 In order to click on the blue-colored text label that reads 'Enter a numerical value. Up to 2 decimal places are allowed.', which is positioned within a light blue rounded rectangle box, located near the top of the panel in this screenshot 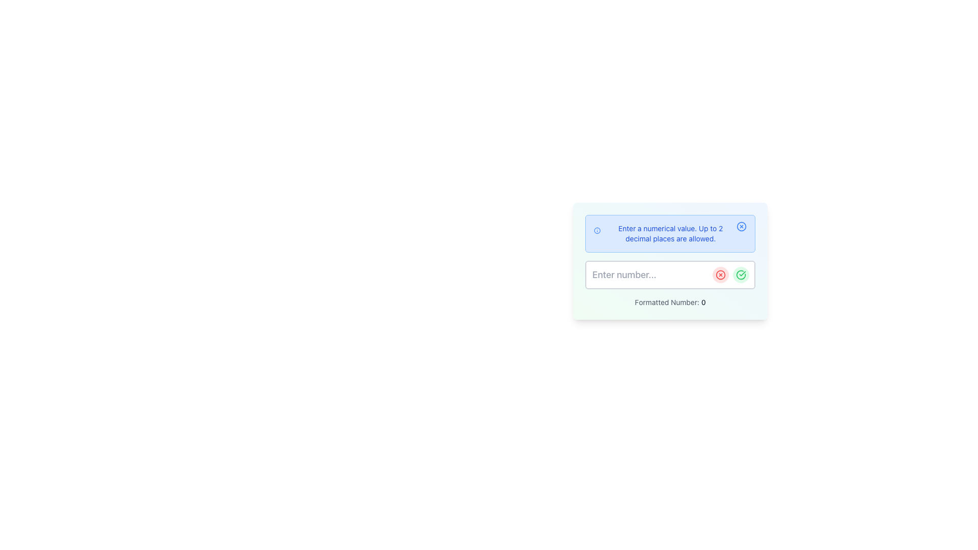, I will do `click(670, 234)`.